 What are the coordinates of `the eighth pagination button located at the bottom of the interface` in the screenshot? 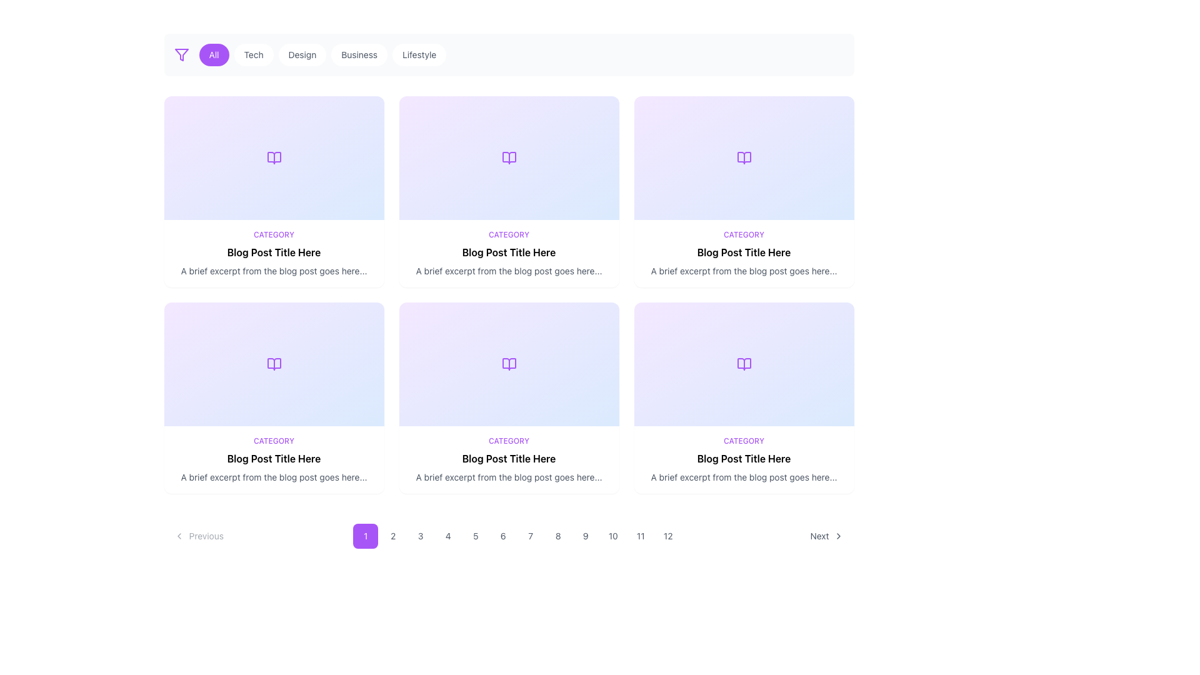 It's located at (557, 535).